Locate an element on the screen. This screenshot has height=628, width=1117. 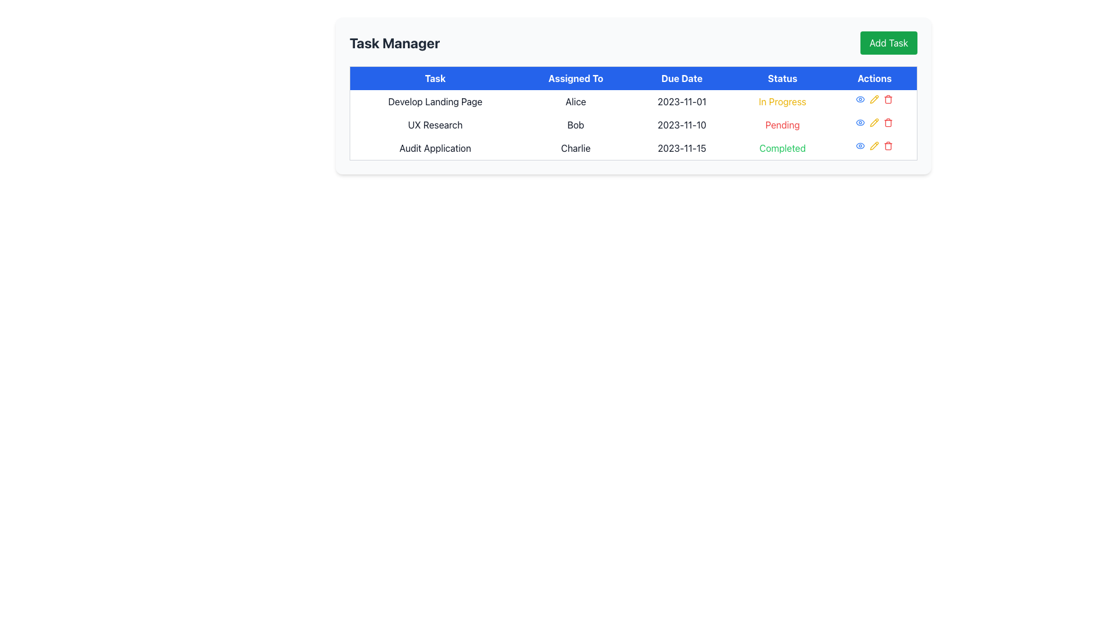
the date label displaying '2023-11-10' located in the 'Due Date' column of the task table, adjacent to 'Bob' in the 'Assigned To' column is located at coordinates (682, 125).